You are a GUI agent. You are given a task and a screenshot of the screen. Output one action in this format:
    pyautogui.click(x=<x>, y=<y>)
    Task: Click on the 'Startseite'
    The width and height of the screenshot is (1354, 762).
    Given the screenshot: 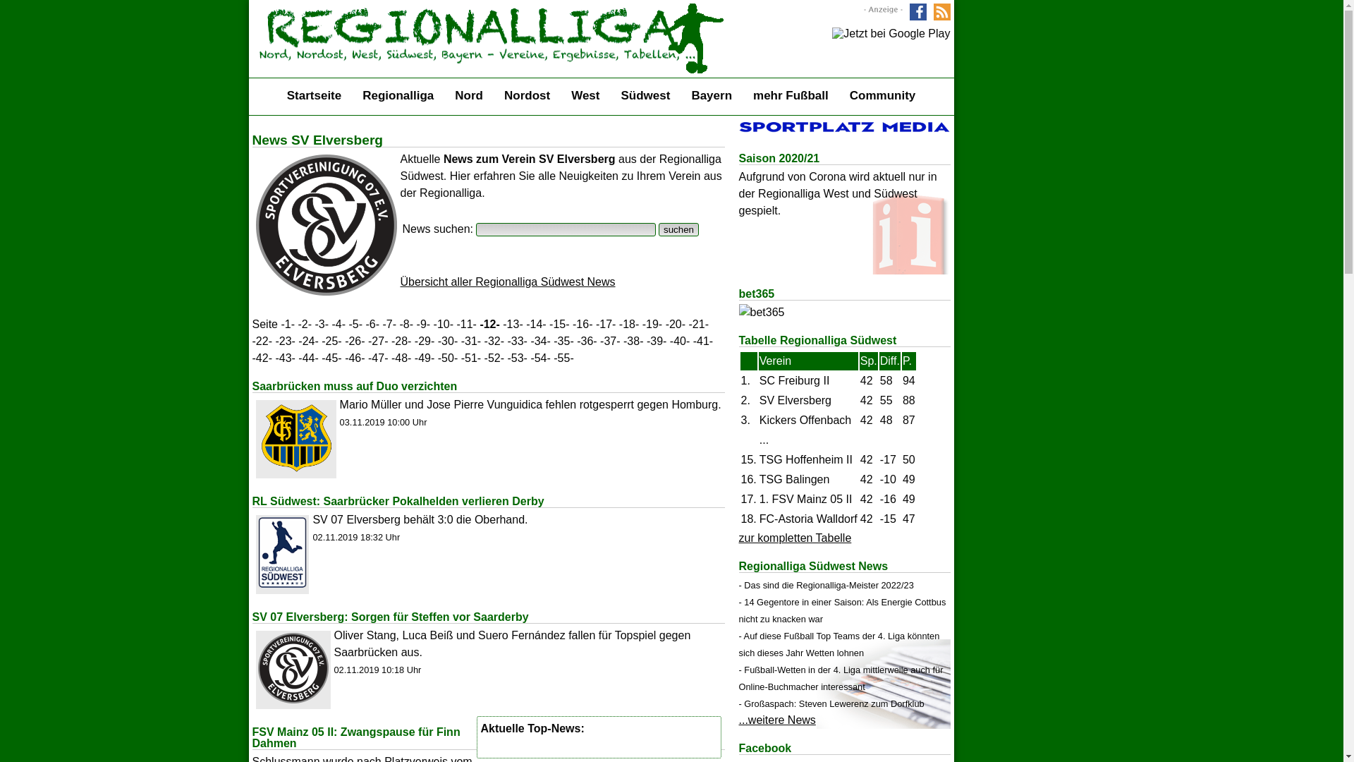 What is the action you would take?
    pyautogui.click(x=488, y=69)
    